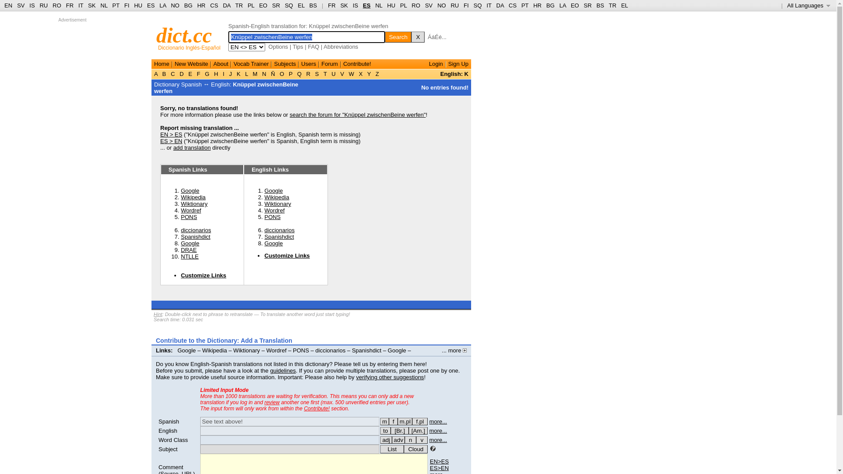 This screenshot has width=843, height=474. Describe the element at coordinates (246, 73) in the screenshot. I see `'L'` at that location.